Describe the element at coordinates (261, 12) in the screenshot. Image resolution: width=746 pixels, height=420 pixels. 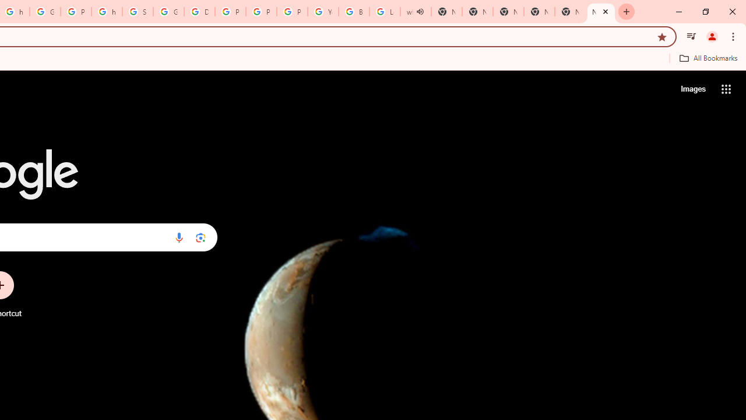
I see `'Privacy Help Center - Policies Help'` at that location.